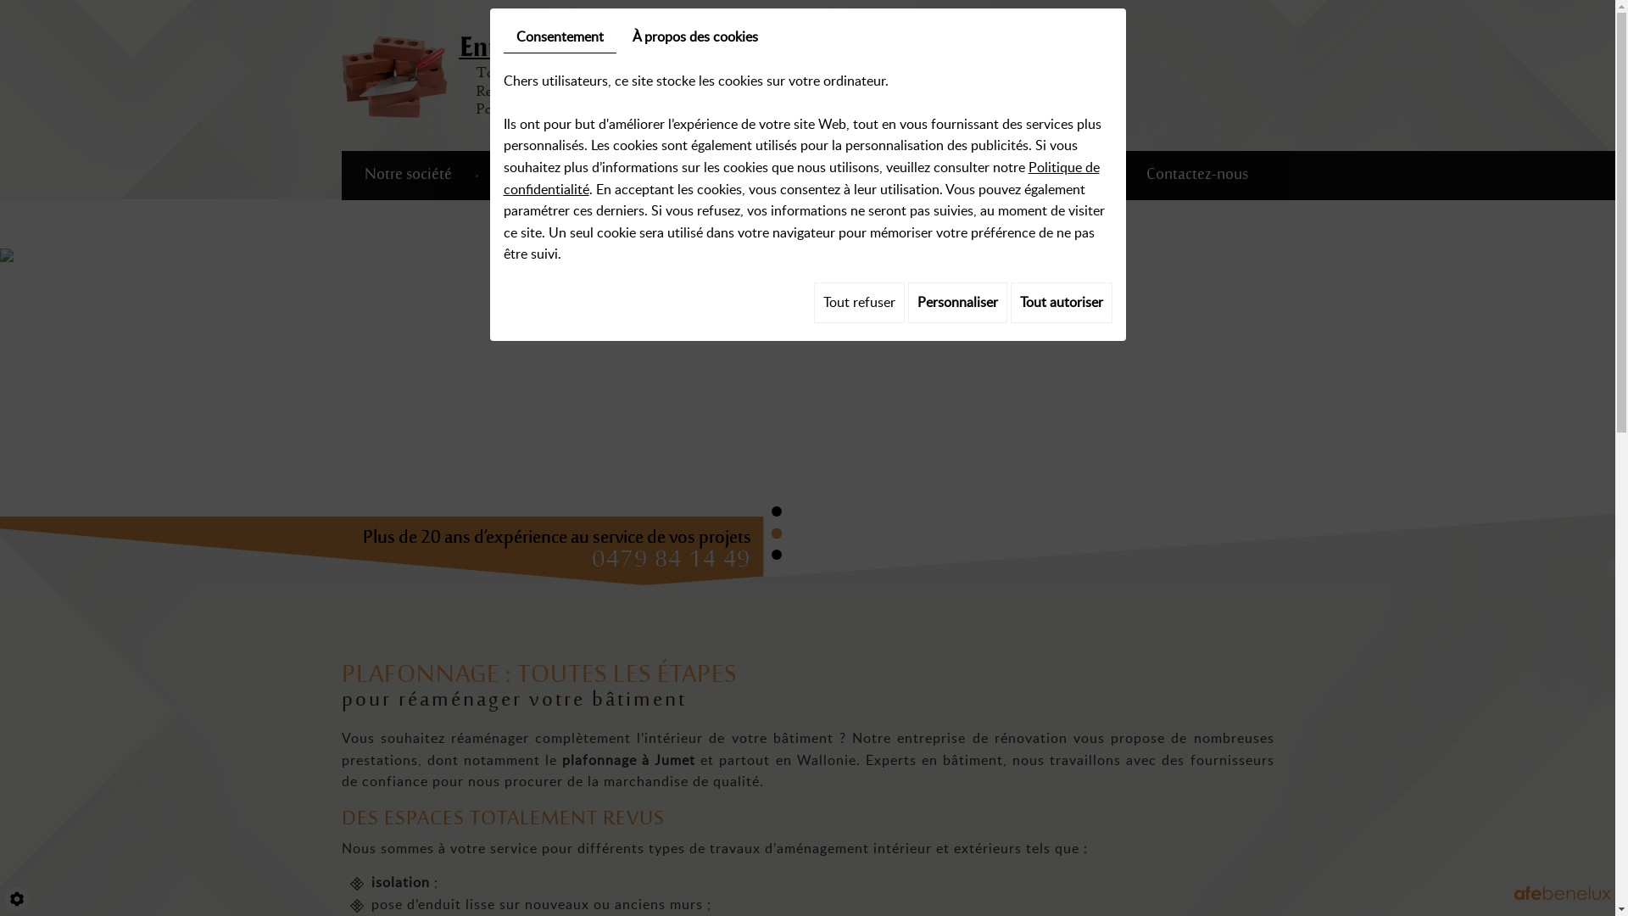 The width and height of the screenshot is (1628, 916). What do you see at coordinates (540, 176) in the screenshot?
I see `'Nos services'` at bounding box center [540, 176].